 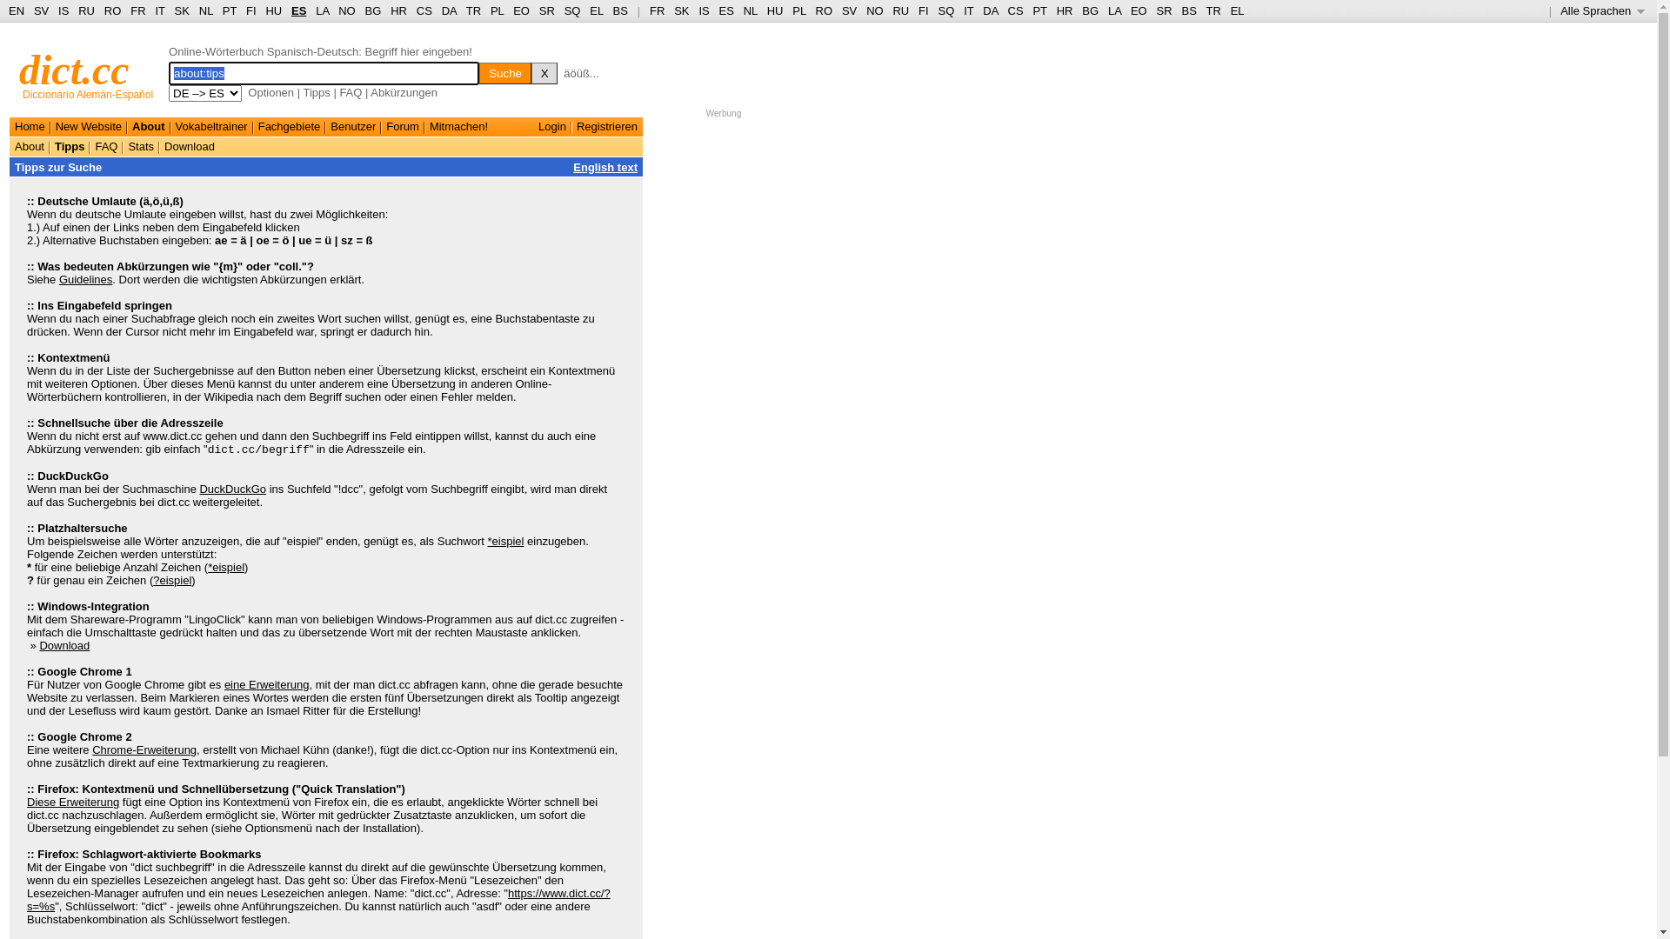 What do you see at coordinates (141, 145) in the screenshot?
I see `'Stats'` at bounding box center [141, 145].